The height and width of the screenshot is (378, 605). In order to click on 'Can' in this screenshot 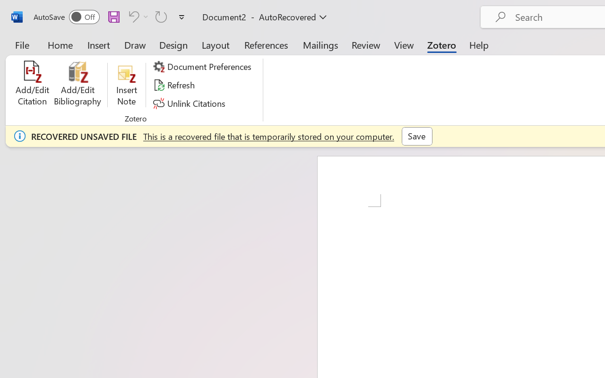, I will do `click(137, 16)`.